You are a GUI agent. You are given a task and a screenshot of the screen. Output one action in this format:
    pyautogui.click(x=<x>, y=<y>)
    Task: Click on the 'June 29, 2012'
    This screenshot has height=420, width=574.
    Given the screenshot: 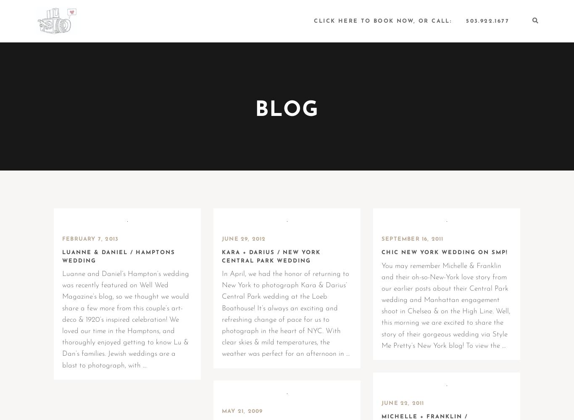 What is the action you would take?
    pyautogui.click(x=243, y=239)
    